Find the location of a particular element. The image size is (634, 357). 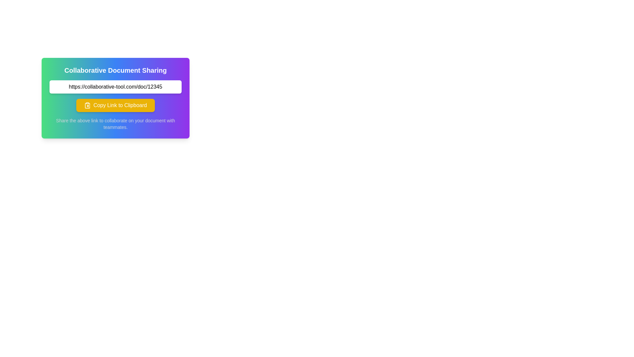

or click the yellow button labeled 'Copy Link to Clipboard' in the panel titled 'Collaborative Document Sharing' to copy the URL is located at coordinates (116, 98).